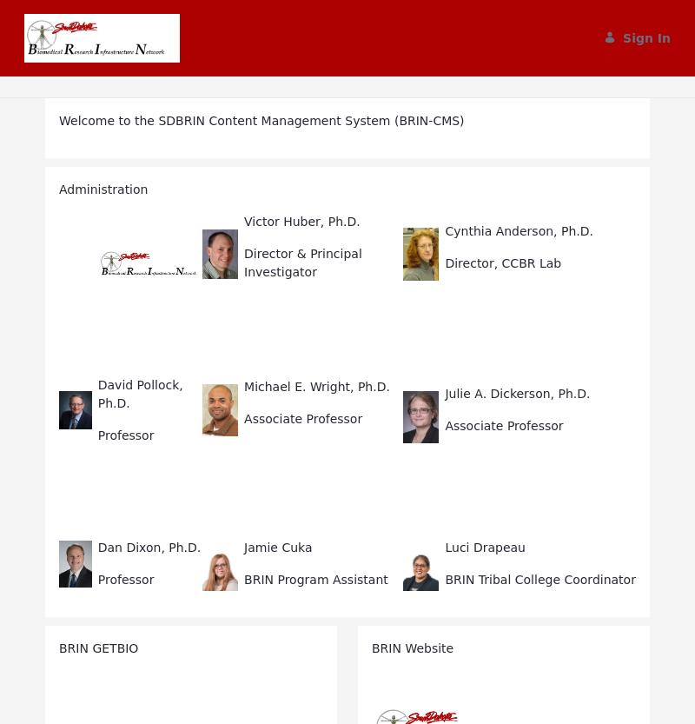 The width and height of the screenshot is (695, 724). What do you see at coordinates (315, 578) in the screenshot?
I see `'BRIN Program Assistant'` at bounding box center [315, 578].